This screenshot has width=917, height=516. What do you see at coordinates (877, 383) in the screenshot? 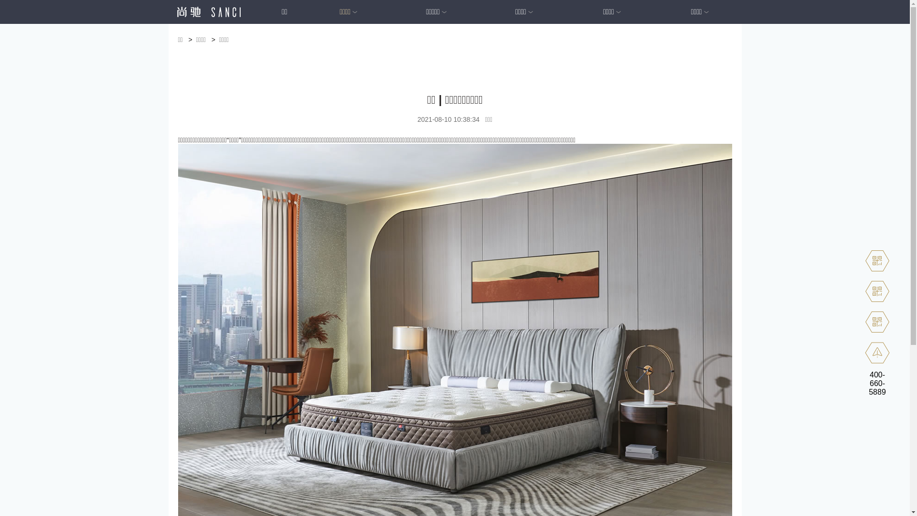
I see `'400-660-5889'` at bounding box center [877, 383].